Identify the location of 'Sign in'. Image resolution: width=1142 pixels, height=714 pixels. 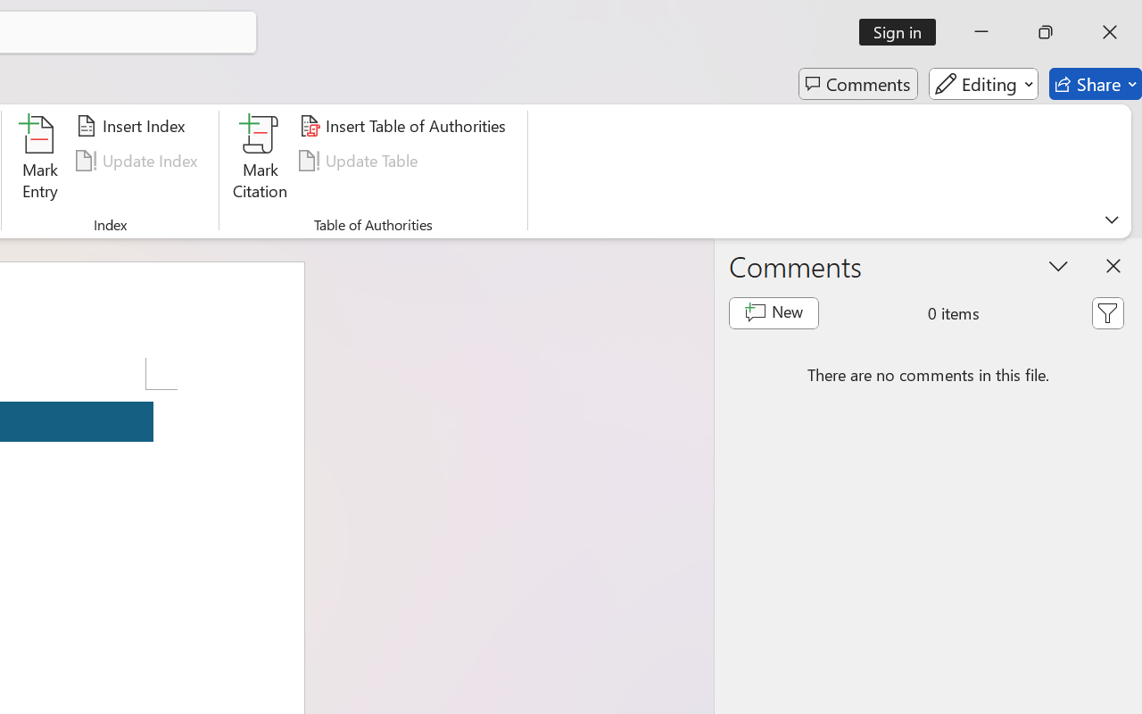
(904, 31).